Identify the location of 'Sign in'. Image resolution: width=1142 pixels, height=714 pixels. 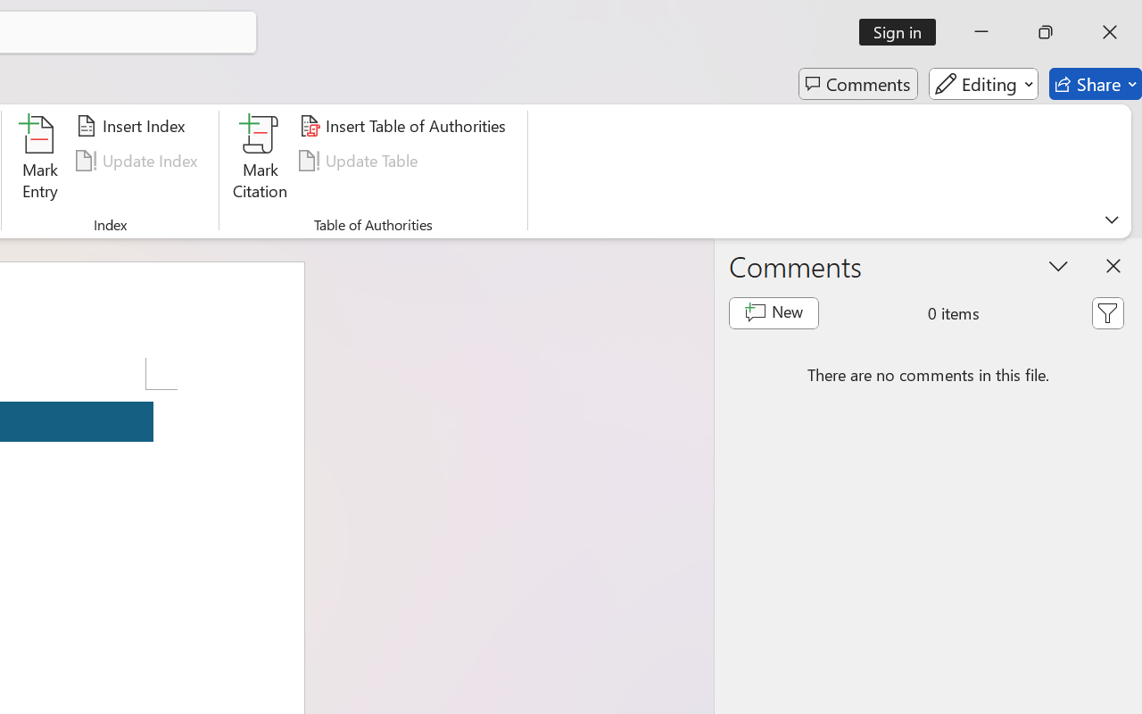
(904, 31).